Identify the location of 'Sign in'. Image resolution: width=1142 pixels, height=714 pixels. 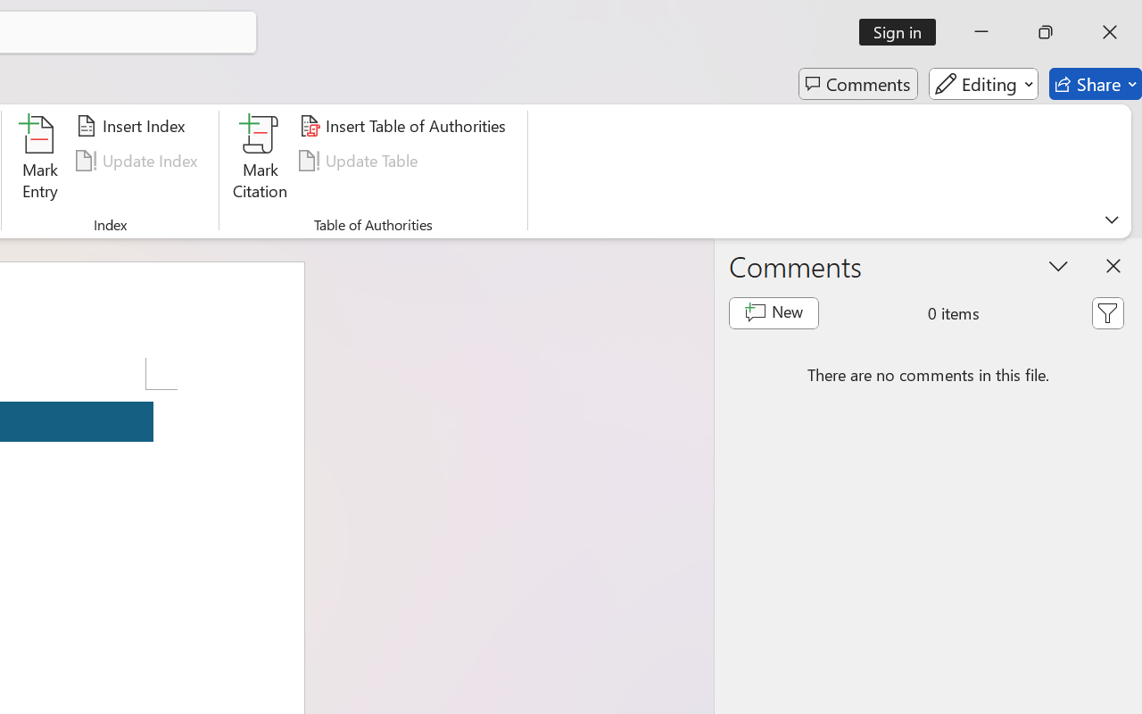
(904, 31).